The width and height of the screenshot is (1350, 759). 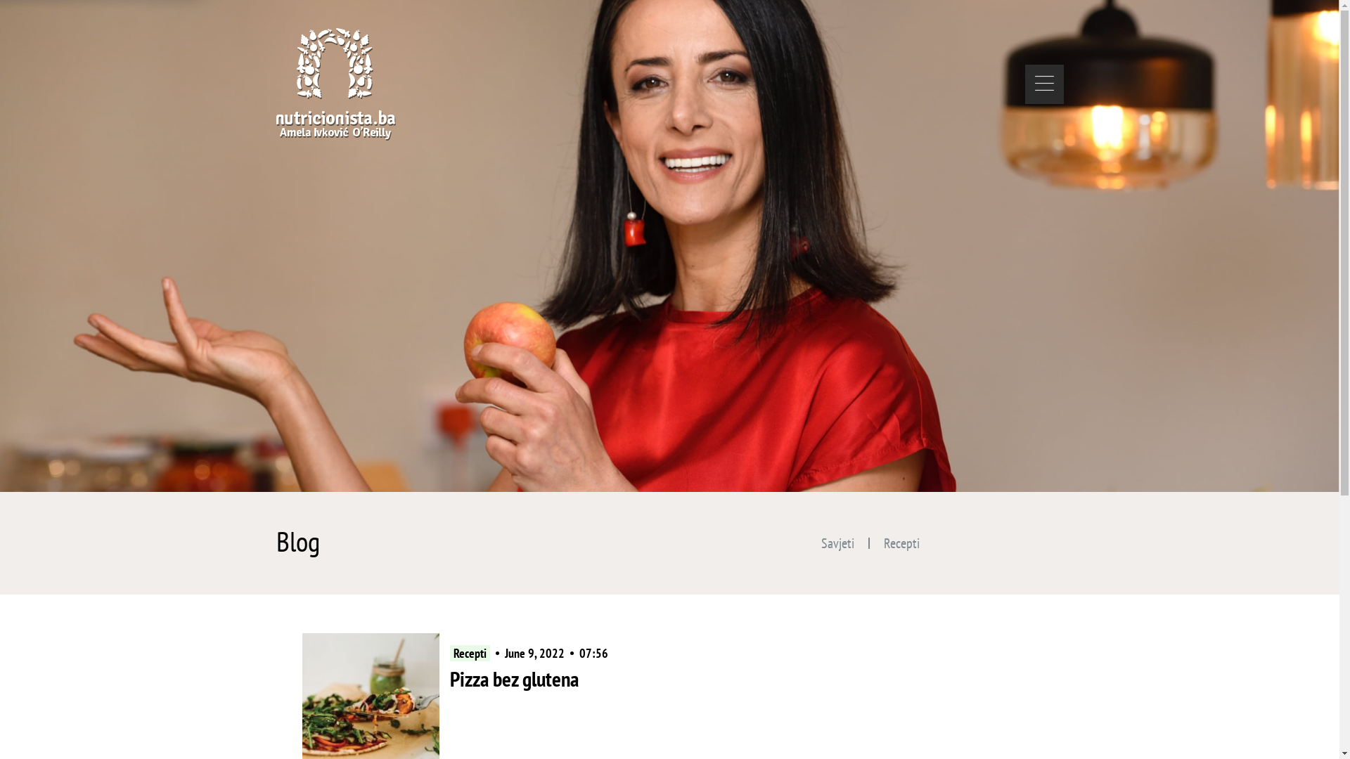 What do you see at coordinates (901, 542) in the screenshot?
I see `'Recepti'` at bounding box center [901, 542].